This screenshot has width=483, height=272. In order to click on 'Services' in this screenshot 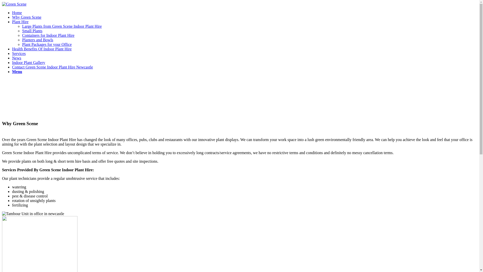, I will do `click(12, 53)`.